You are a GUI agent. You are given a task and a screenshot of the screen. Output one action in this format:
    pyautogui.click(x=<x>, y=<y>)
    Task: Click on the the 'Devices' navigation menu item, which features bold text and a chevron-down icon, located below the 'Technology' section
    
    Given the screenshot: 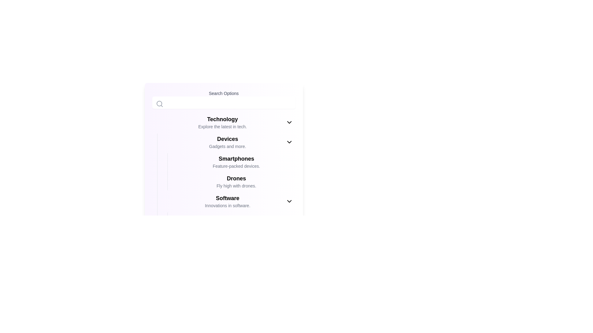 What is the action you would take?
    pyautogui.click(x=231, y=142)
    